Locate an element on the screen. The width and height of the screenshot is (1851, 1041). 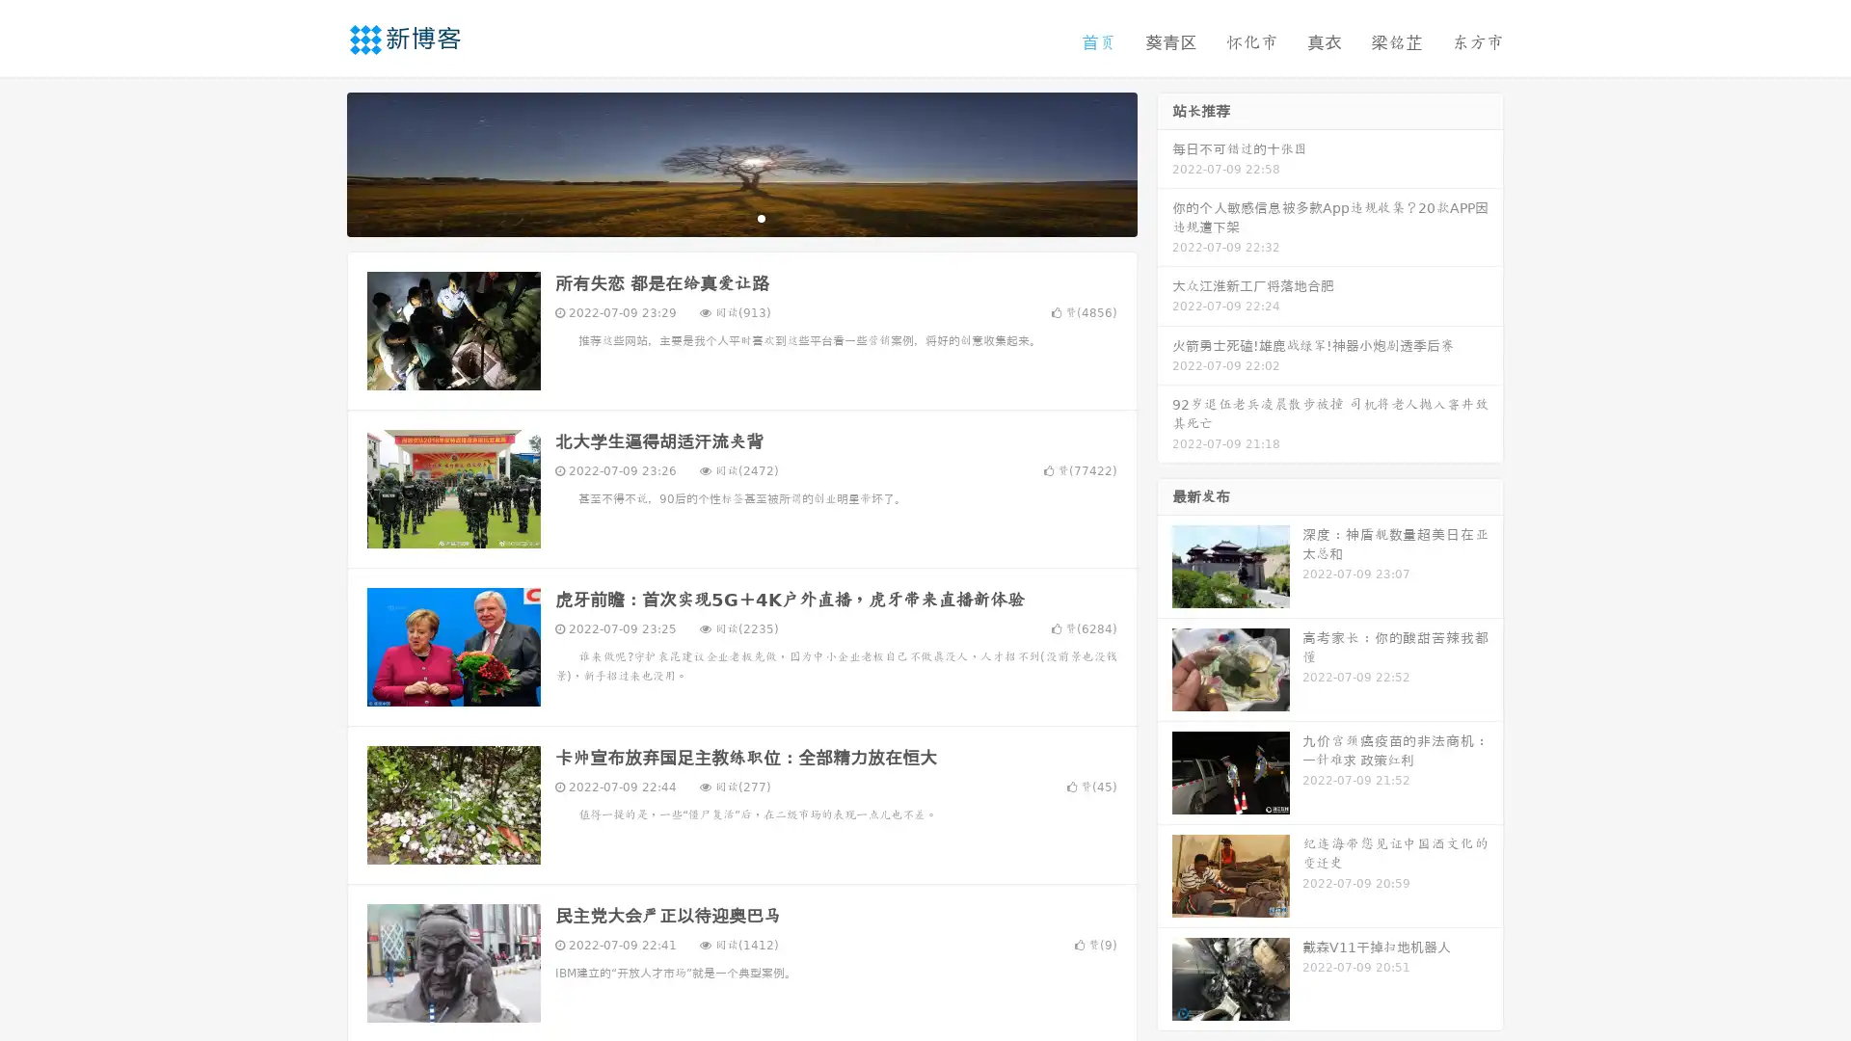
Go to slide 1 is located at coordinates (721, 217).